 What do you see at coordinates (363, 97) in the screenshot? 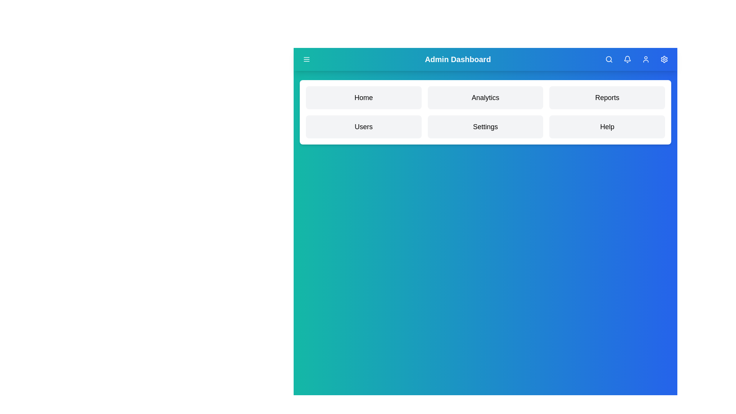
I see `the menu item Home to navigate to its section` at bounding box center [363, 97].